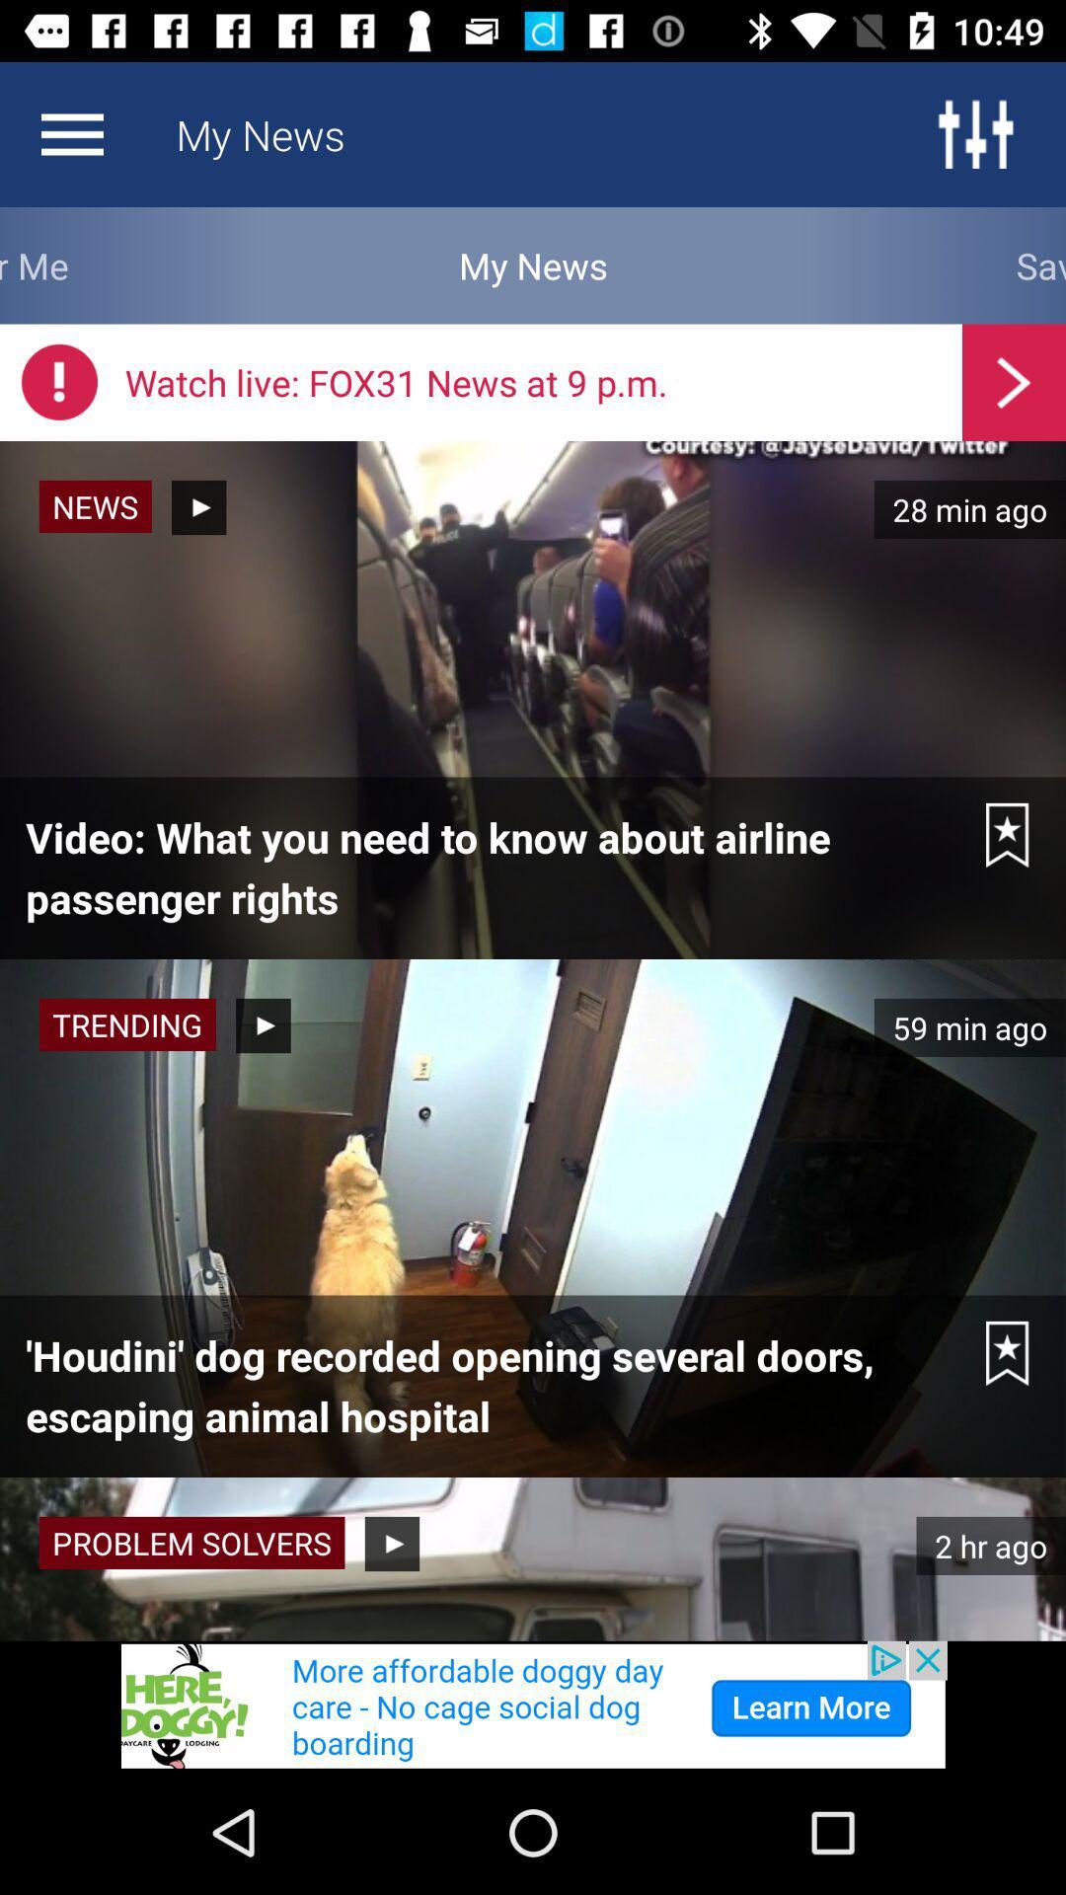  I want to click on open settings, so click(974, 133).